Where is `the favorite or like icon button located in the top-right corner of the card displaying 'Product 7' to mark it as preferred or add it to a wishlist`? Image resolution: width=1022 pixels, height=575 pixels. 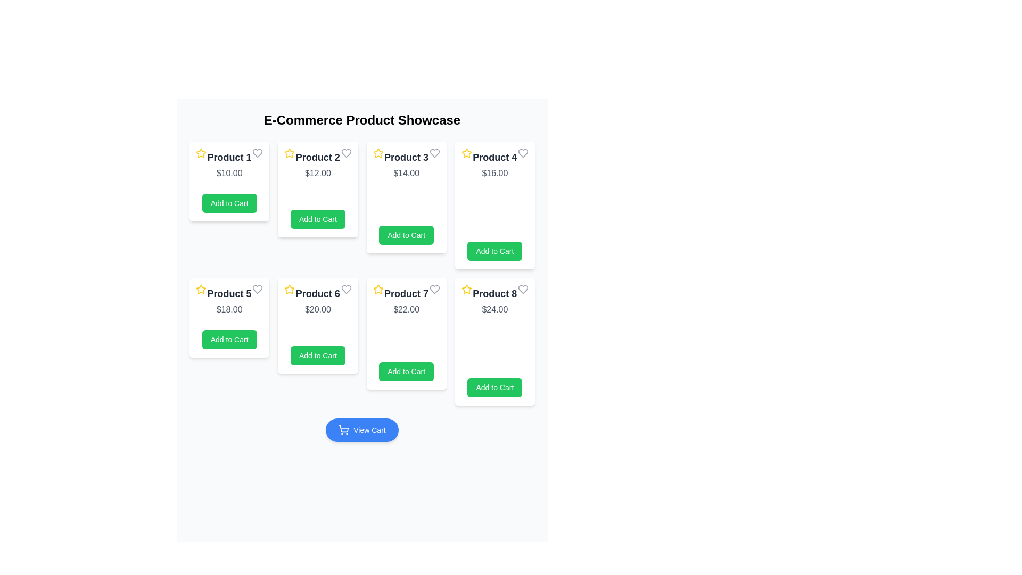 the favorite or like icon button located in the top-right corner of the card displaying 'Product 7' to mark it as preferred or add it to a wishlist is located at coordinates (434, 289).